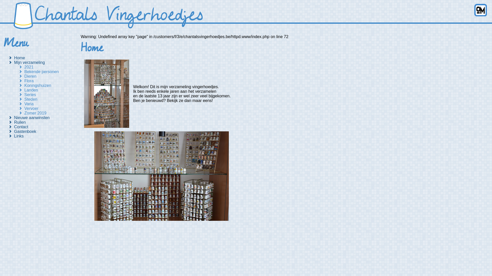  Describe the element at coordinates (49, 80) in the screenshot. I see `'Flora'` at that location.